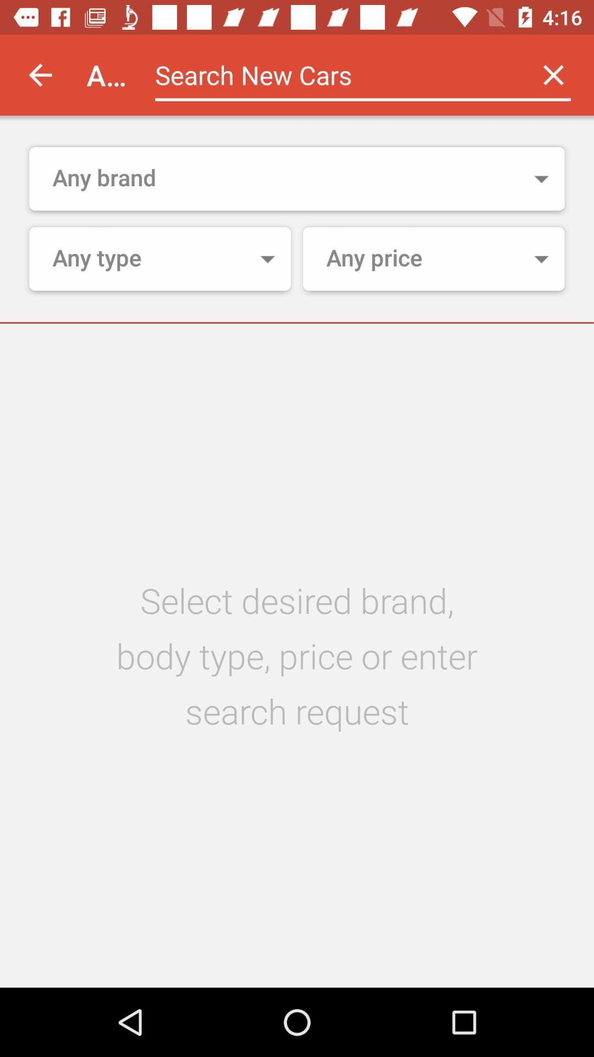 The width and height of the screenshot is (594, 1057). I want to click on search text entry box, so click(333, 74).